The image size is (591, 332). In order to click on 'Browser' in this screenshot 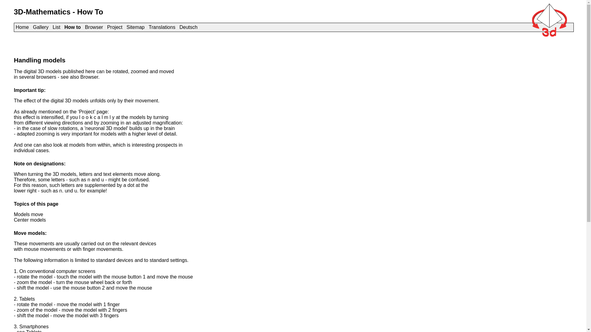, I will do `click(84, 27)`.